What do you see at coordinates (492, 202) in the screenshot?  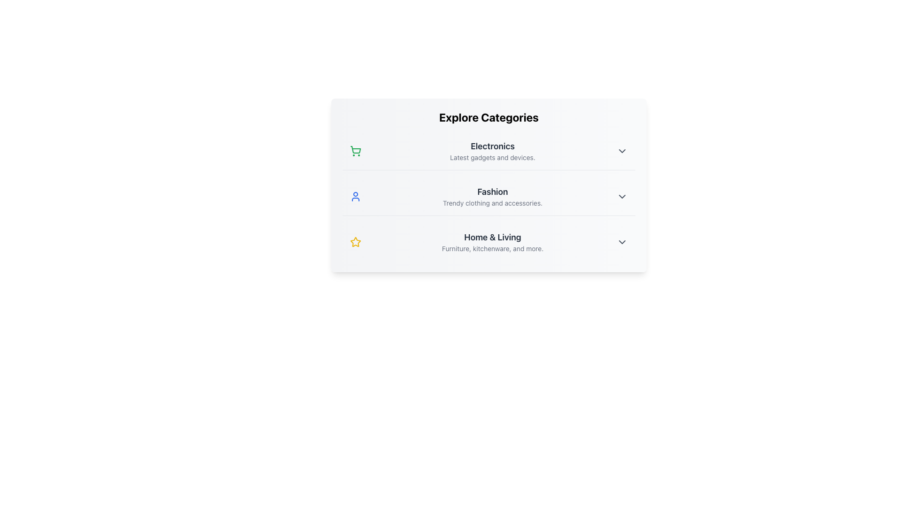 I see `the text element providing a description or tagline related to the 'Fashion' category, which is positioned below the 'Fashion' text and centered in the 'Explore Categories' section` at bounding box center [492, 202].